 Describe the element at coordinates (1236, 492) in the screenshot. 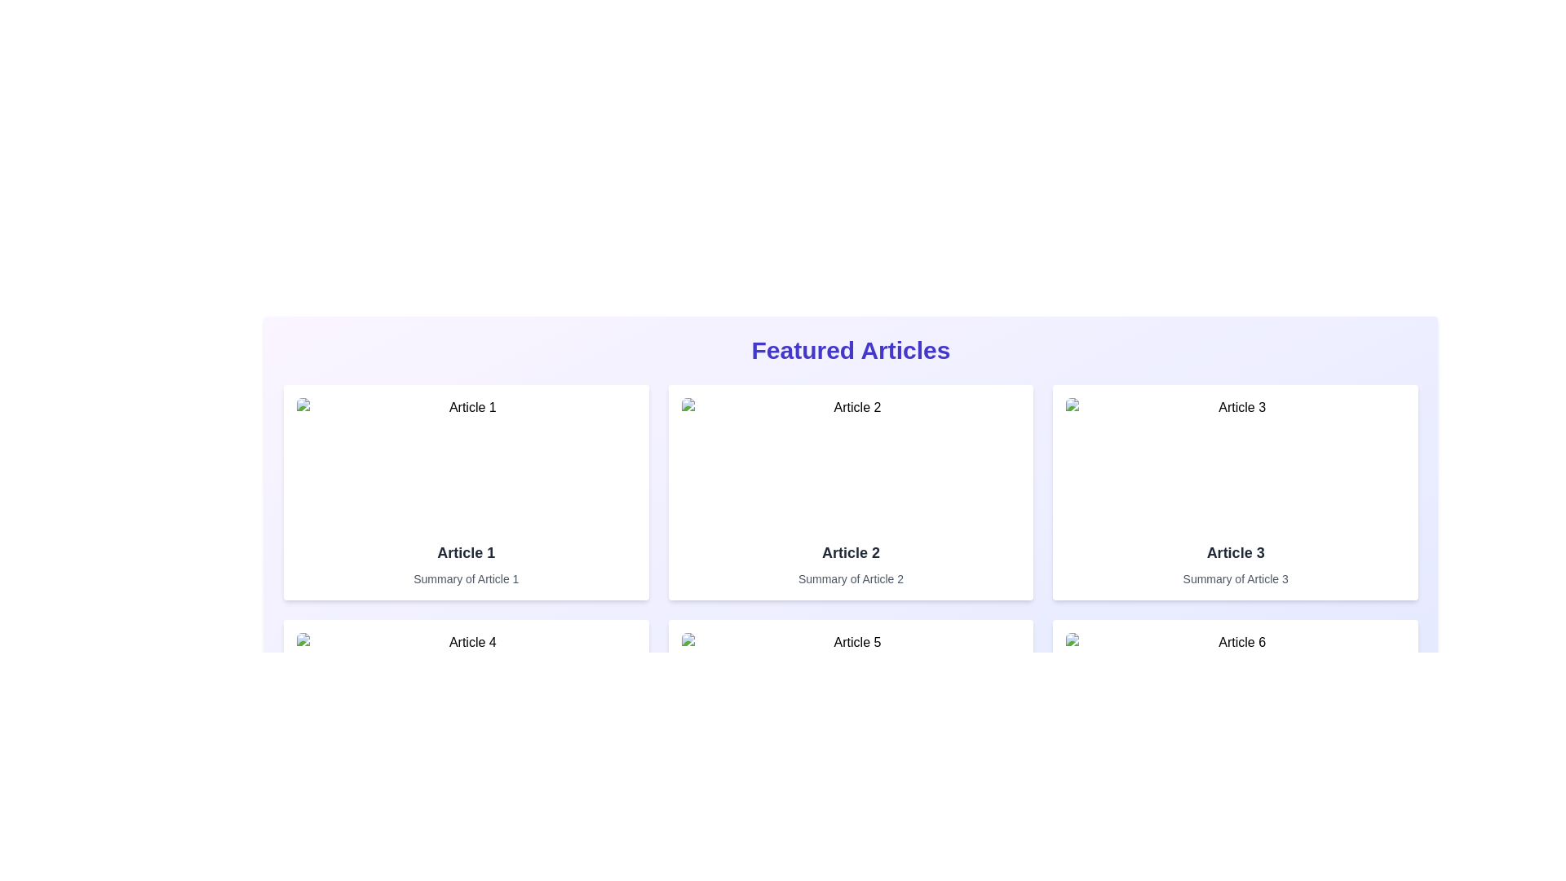

I see `the article card component in the top row, third column of the grid layout` at that location.